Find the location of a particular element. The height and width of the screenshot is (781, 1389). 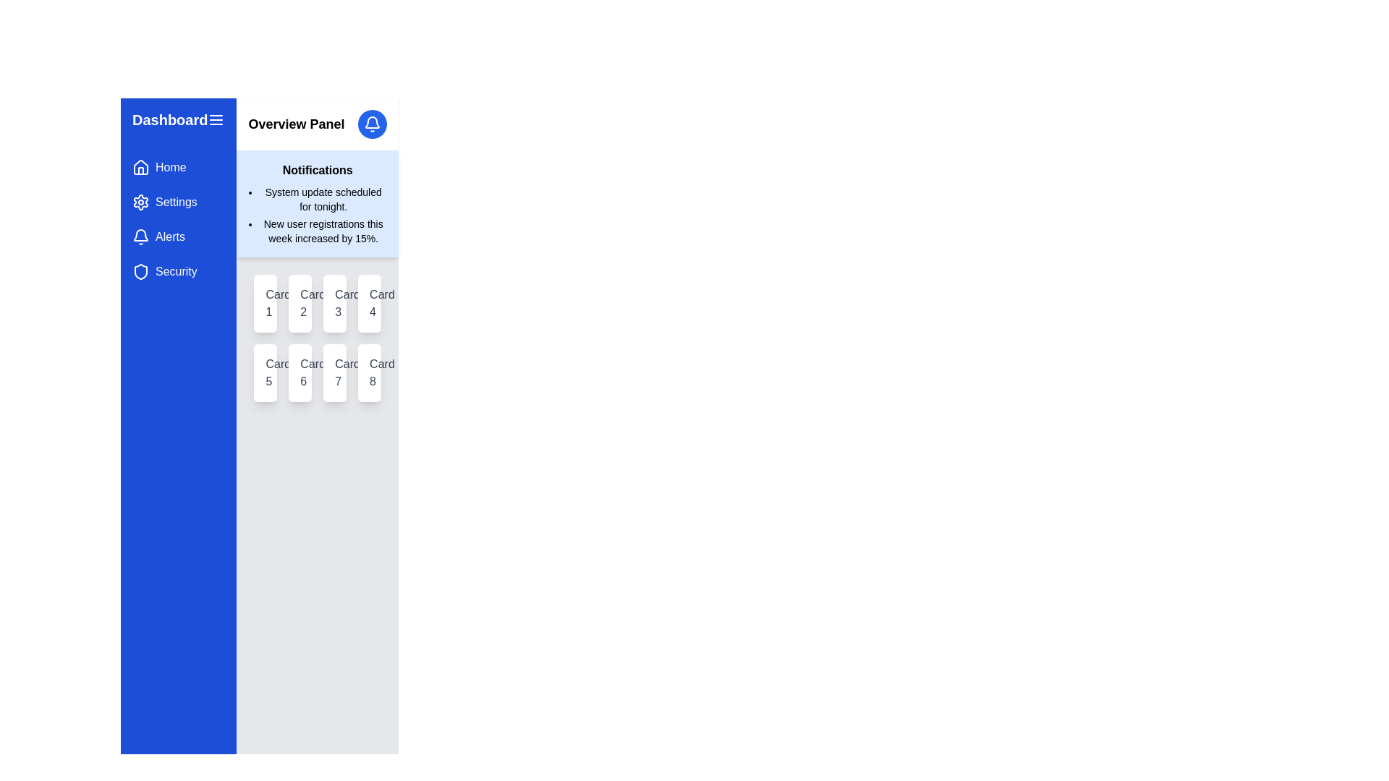

the informational text reading 'New user registrations this week increased by 15%' in the Overview Panel, which is the second item in the bullet-point list beneath 'Notifications' is located at coordinates (323, 231).